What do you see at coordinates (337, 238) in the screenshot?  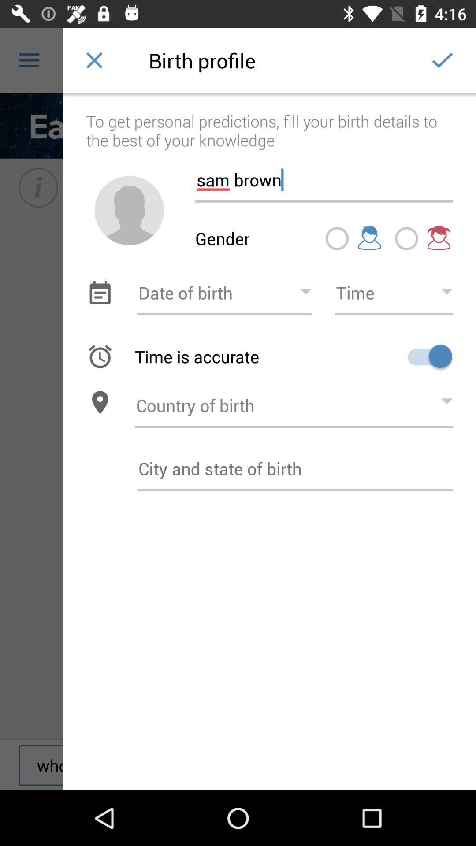 I see `male gender radio button` at bounding box center [337, 238].